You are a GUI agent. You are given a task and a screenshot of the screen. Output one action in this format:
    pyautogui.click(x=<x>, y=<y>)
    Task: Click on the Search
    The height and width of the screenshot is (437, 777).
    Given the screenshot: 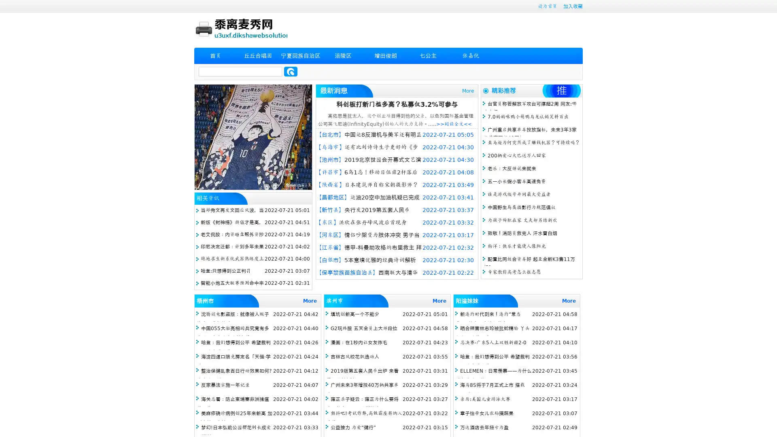 What is the action you would take?
    pyautogui.click(x=291, y=71)
    